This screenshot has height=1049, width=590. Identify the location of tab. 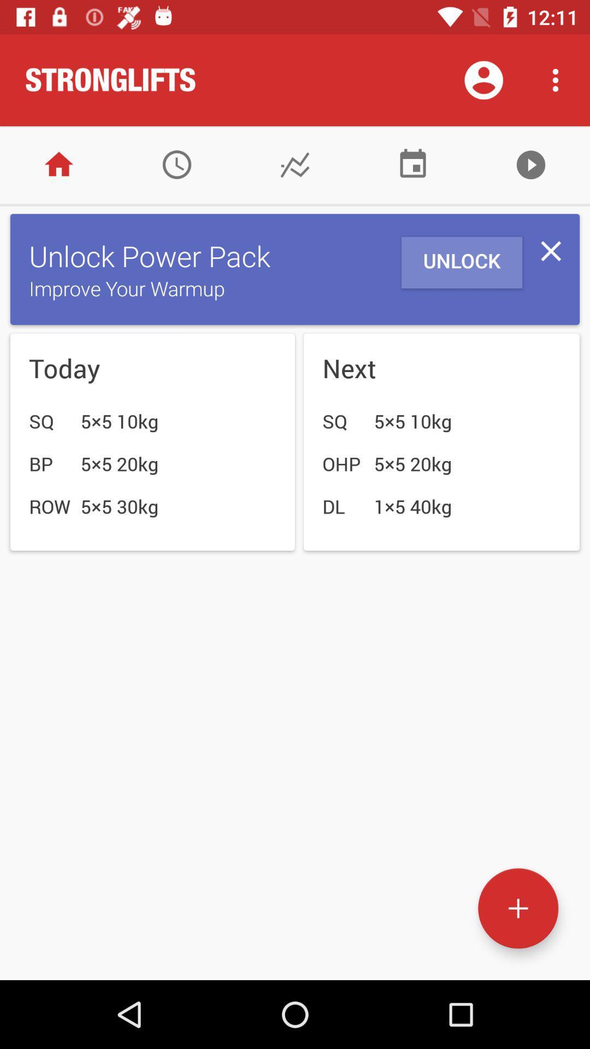
(551, 250).